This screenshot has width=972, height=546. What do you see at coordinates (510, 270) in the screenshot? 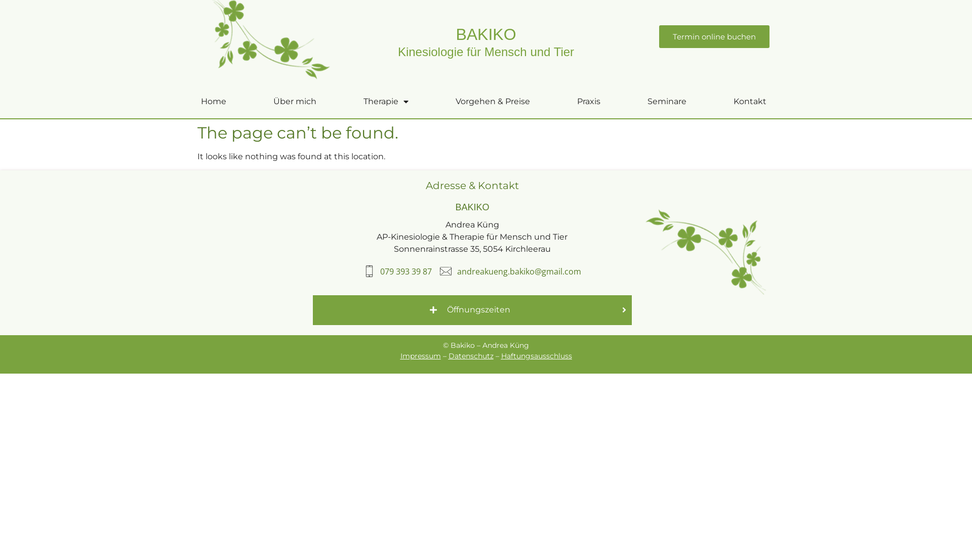
I see `'andreakueng.bakiko@gmail.com'` at bounding box center [510, 270].